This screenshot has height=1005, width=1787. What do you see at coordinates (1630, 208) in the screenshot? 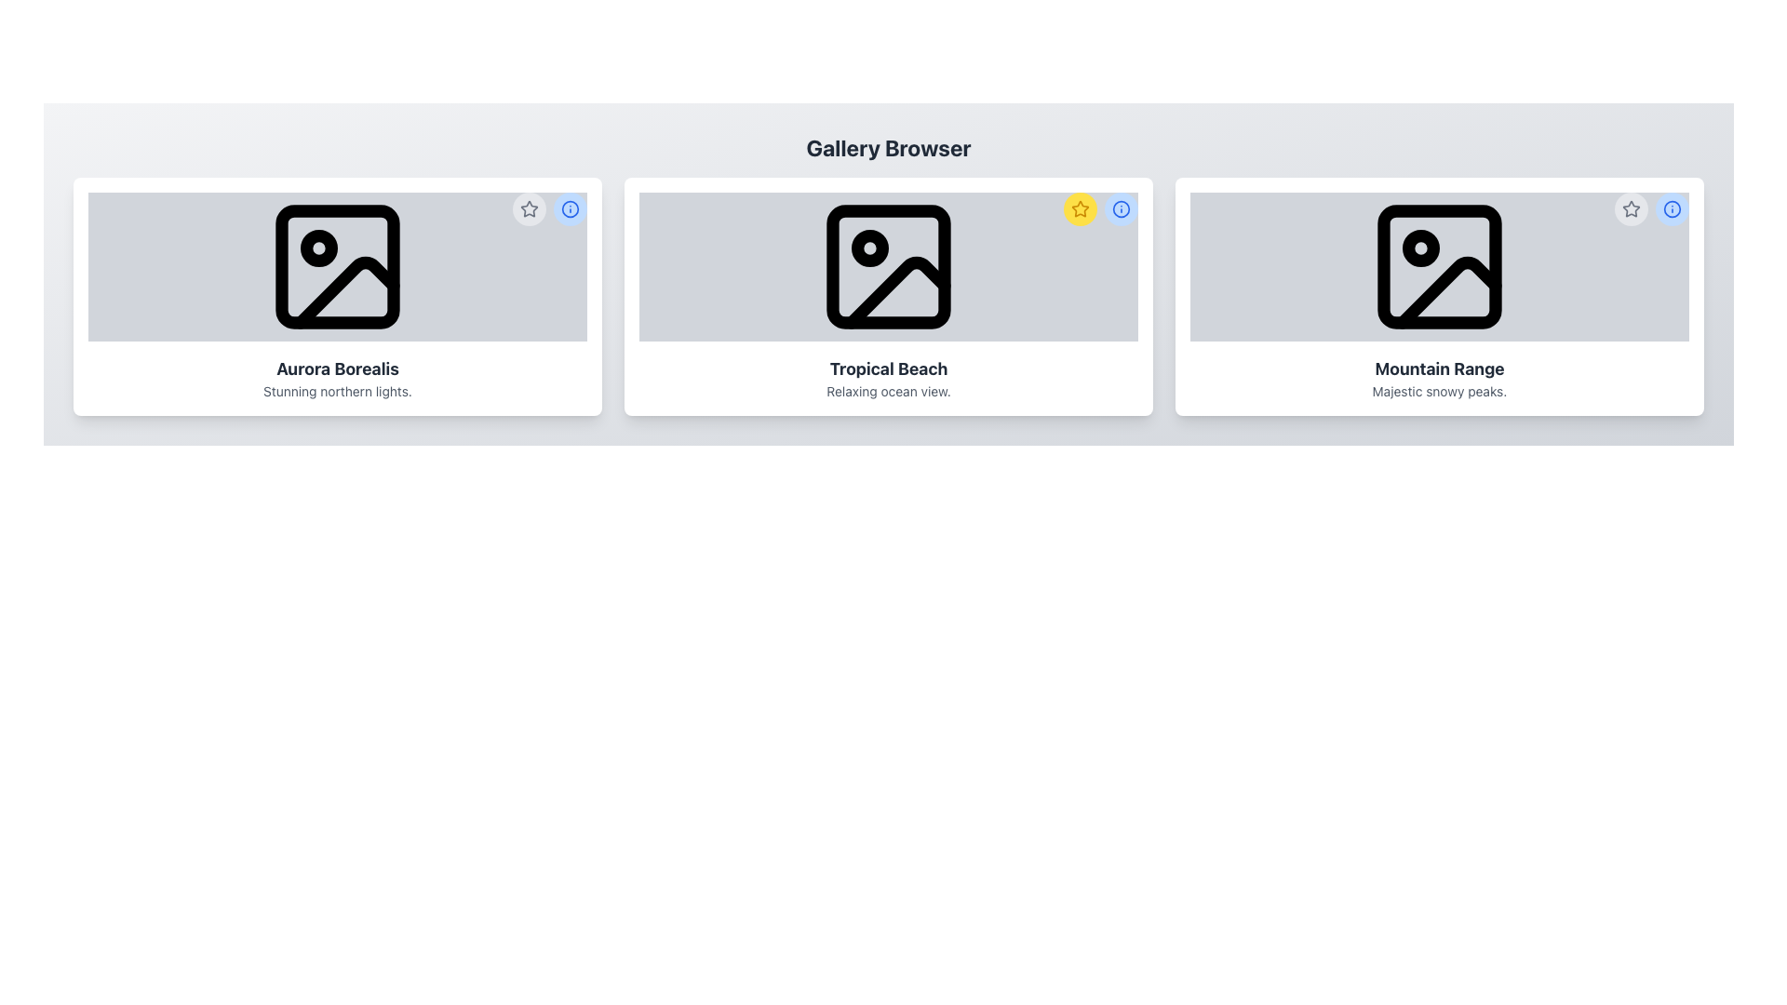
I see `the star icon button located in the top-right corner of the 'Mountain Range' card to favorite the item` at bounding box center [1630, 208].